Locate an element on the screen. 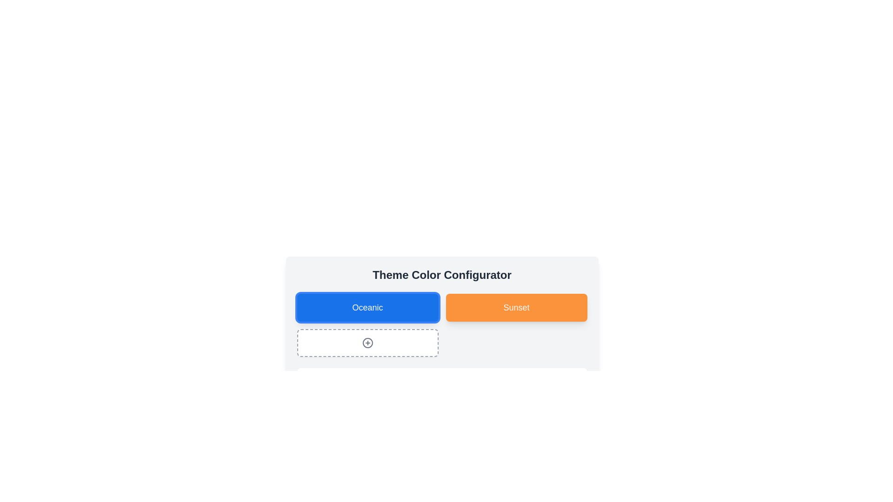  the 'Oceanic' theme button located in the leftmost position of the two-column grid under the 'Theme Color Configurator' header is located at coordinates (367, 308).